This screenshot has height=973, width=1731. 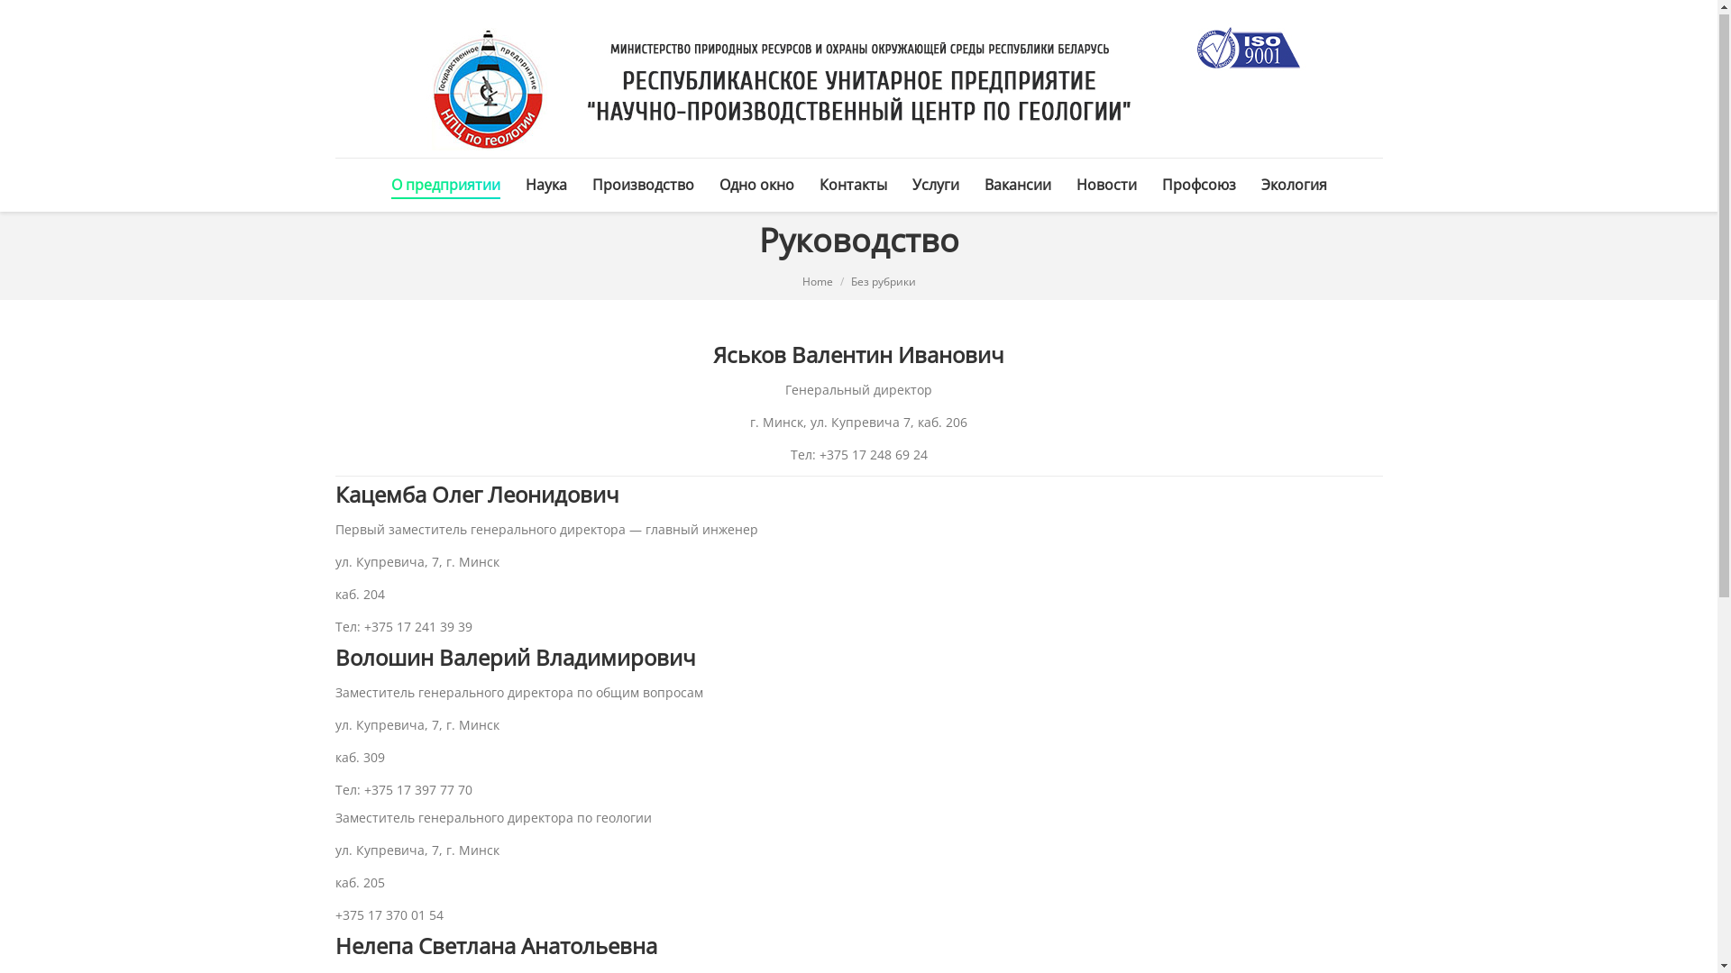 What do you see at coordinates (817, 283) in the screenshot?
I see `'Home'` at bounding box center [817, 283].